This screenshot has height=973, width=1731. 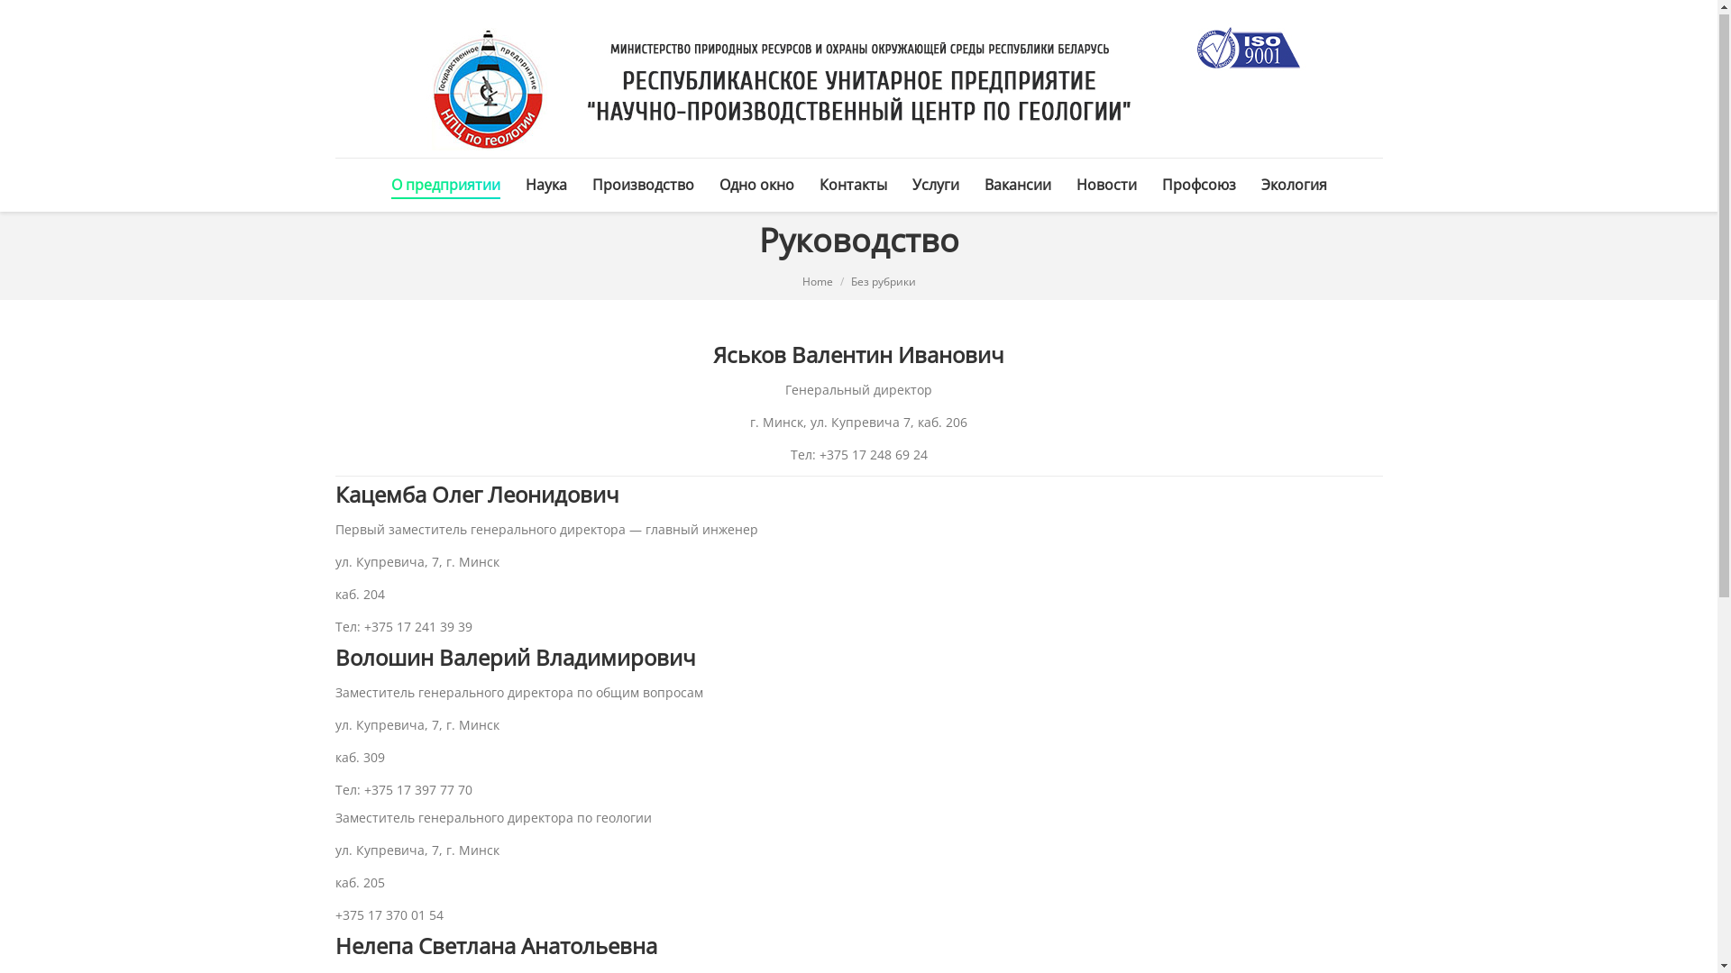 What do you see at coordinates (817, 283) in the screenshot?
I see `'Home'` at bounding box center [817, 283].